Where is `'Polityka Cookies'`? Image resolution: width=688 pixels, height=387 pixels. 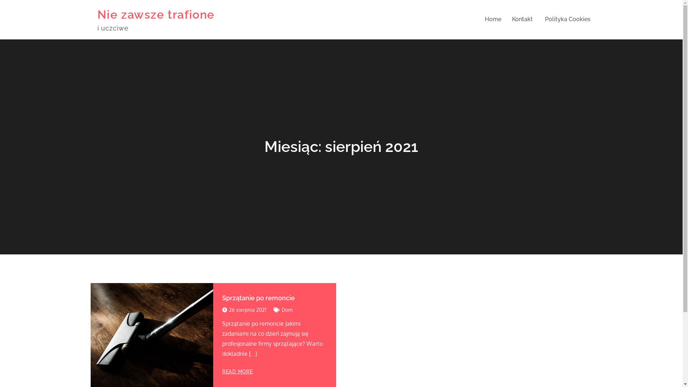 'Polityka Cookies' is located at coordinates (567, 19).